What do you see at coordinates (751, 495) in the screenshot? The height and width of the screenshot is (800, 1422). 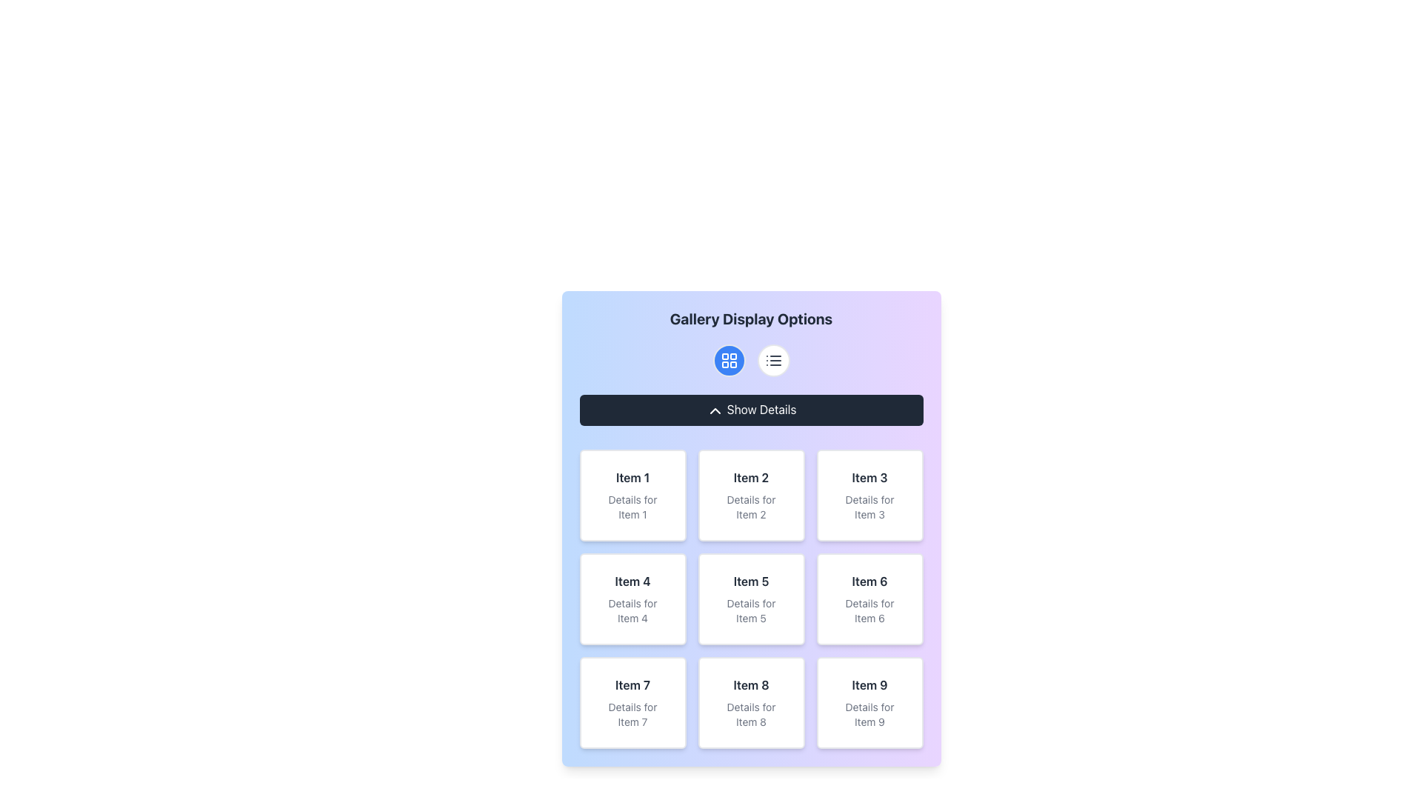 I see `the card titled 'Item 2', which is the second card in a 3x3 grid layout, located in the top-middle position, to interact with adjacent elements` at bounding box center [751, 495].